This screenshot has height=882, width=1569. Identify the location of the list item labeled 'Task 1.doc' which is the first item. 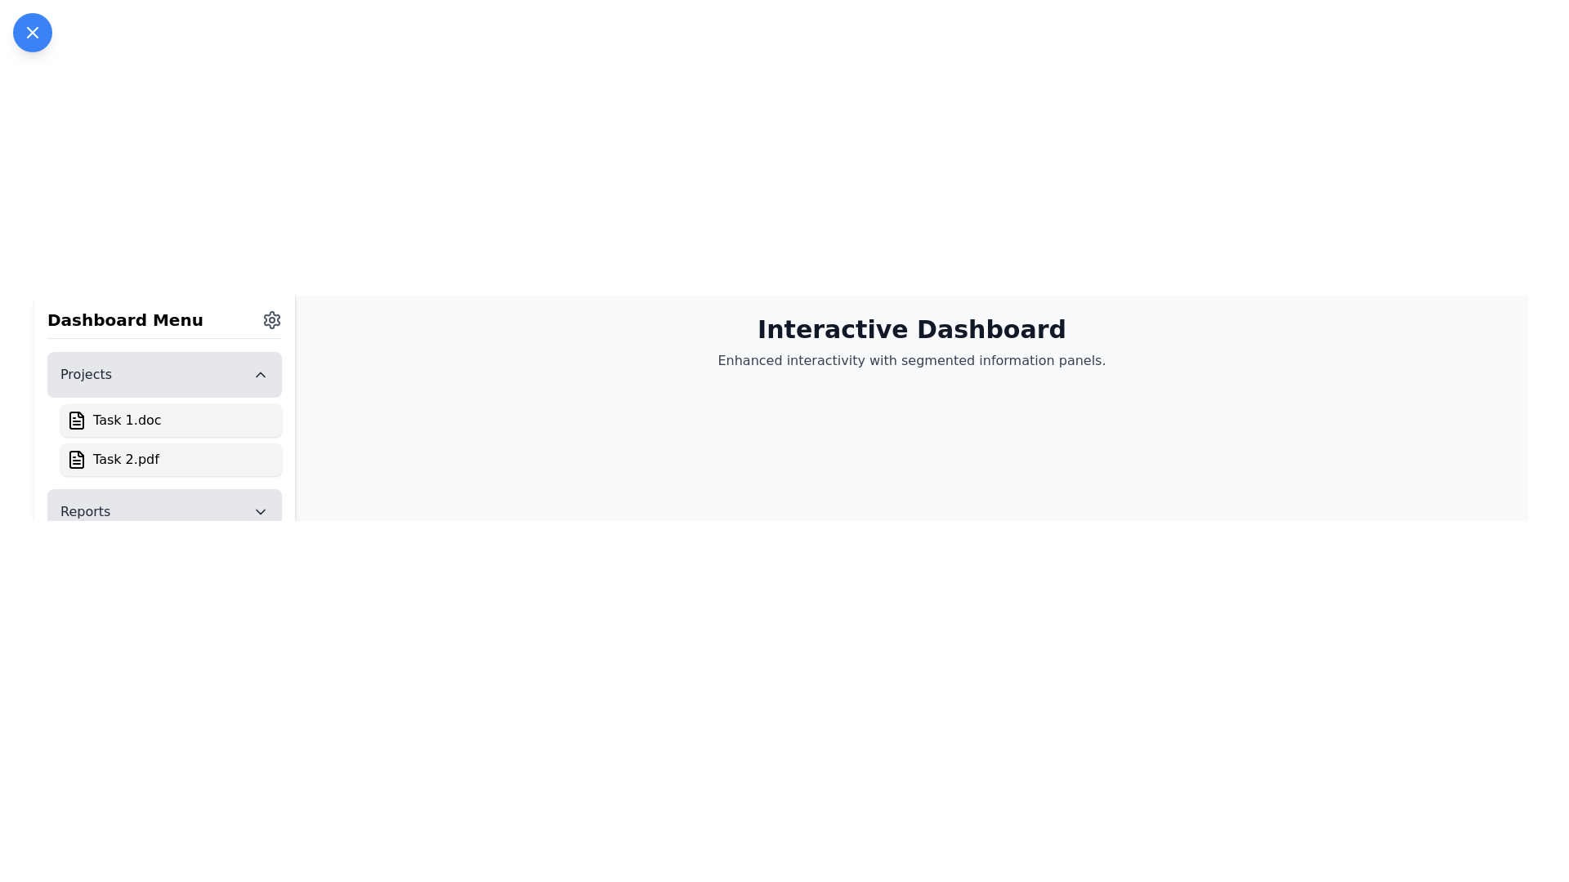
(164, 412).